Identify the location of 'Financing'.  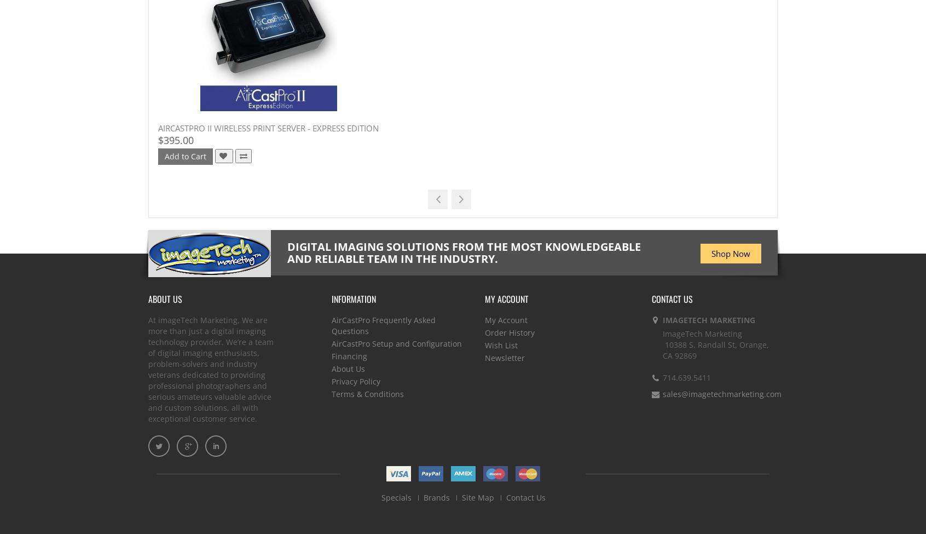
(349, 356).